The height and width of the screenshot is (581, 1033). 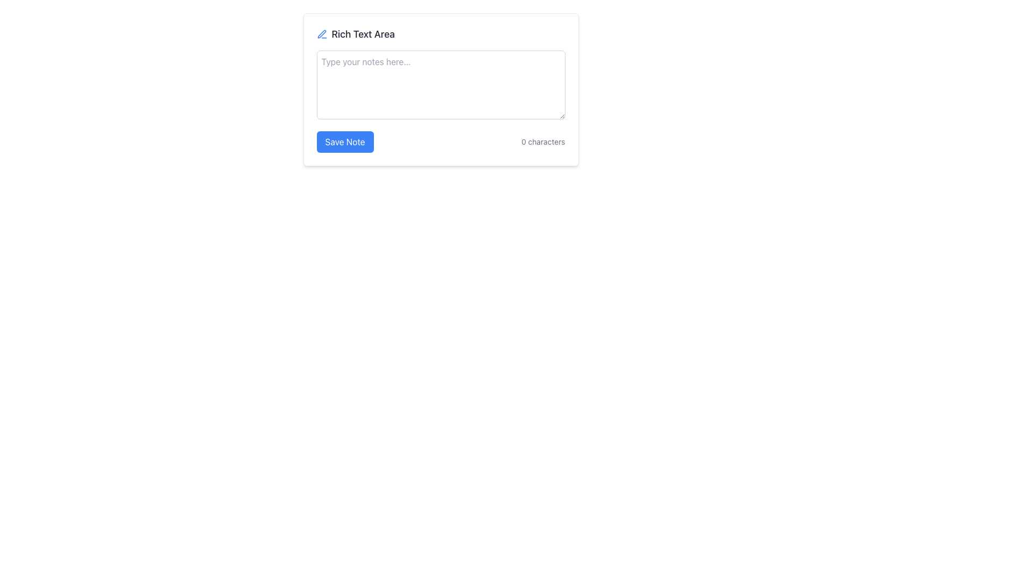 What do you see at coordinates (363, 34) in the screenshot?
I see `the static text label displaying 'Rich Text Area' in dark gray, located at the top of a note-taking widget, to the right of a pen icon` at bounding box center [363, 34].